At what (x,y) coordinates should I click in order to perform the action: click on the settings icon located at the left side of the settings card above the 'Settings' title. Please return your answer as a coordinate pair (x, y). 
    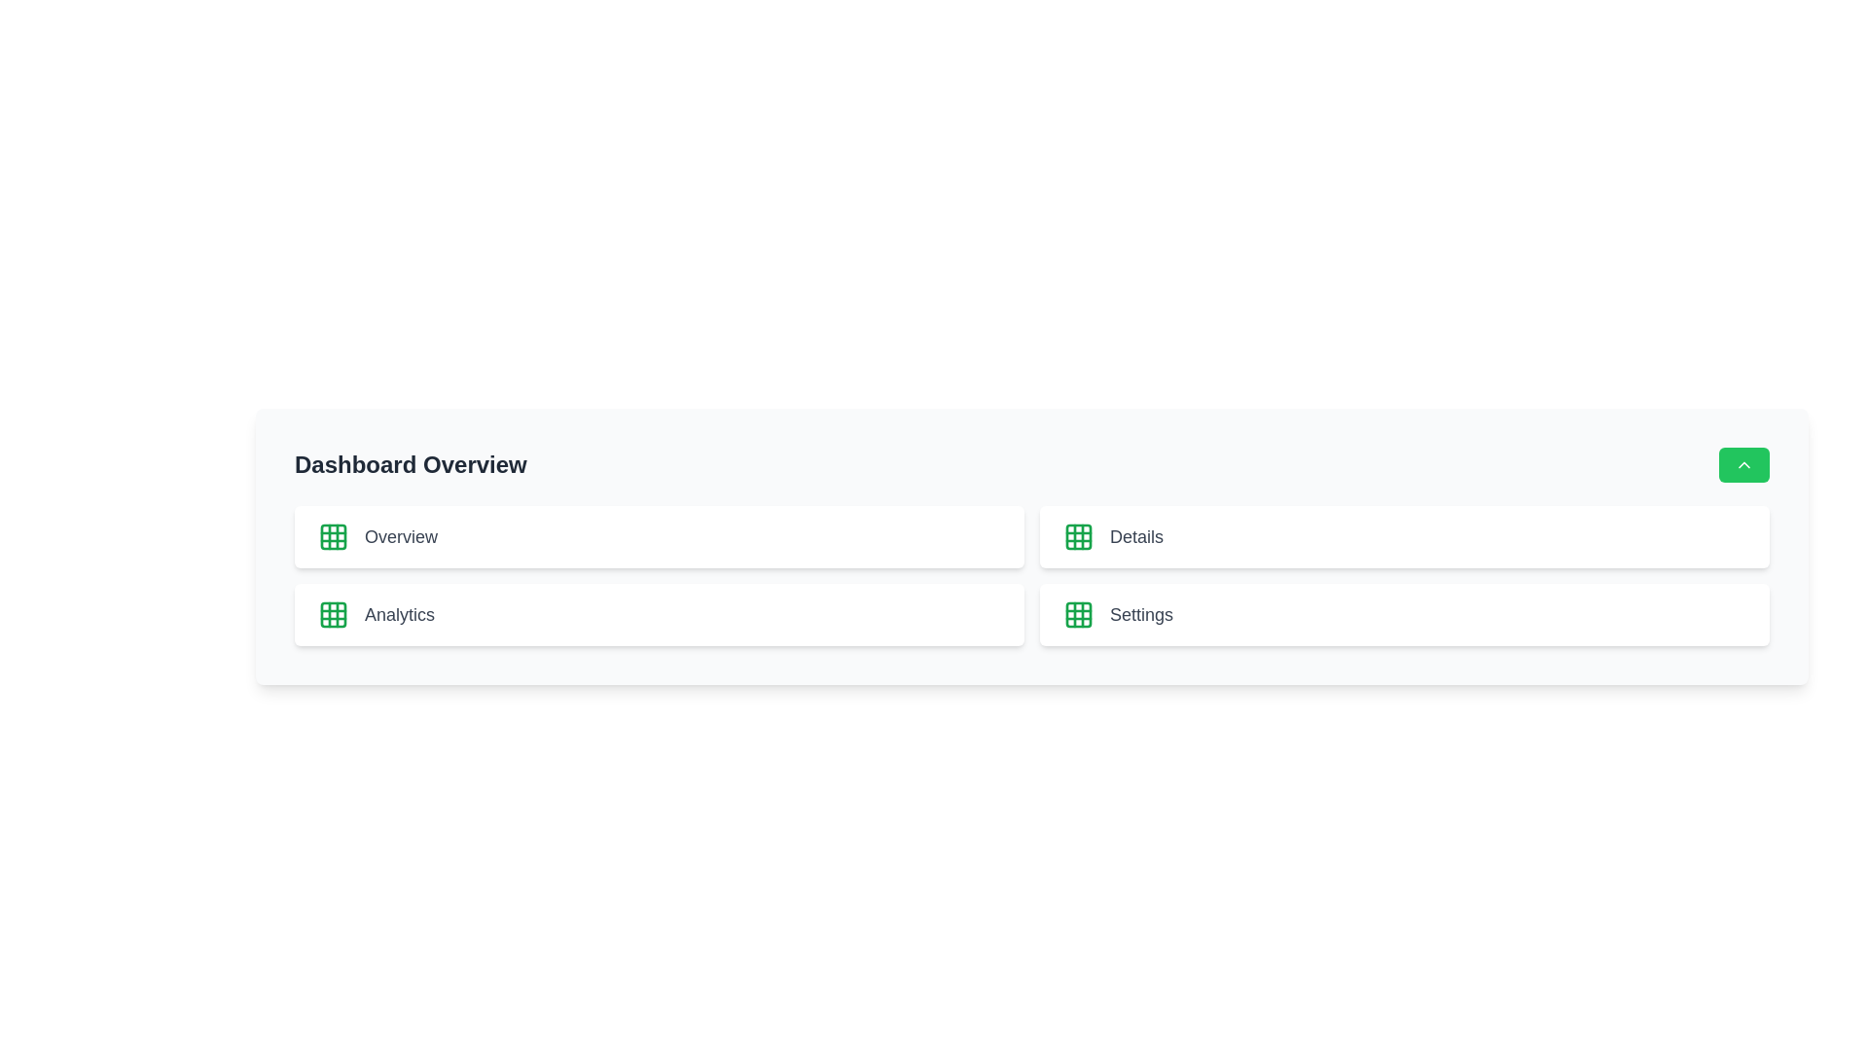
    Looking at the image, I should click on (1077, 615).